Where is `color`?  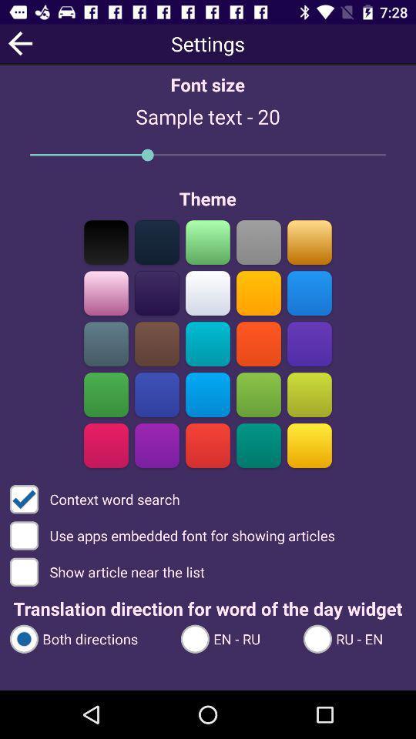 color is located at coordinates (106, 445).